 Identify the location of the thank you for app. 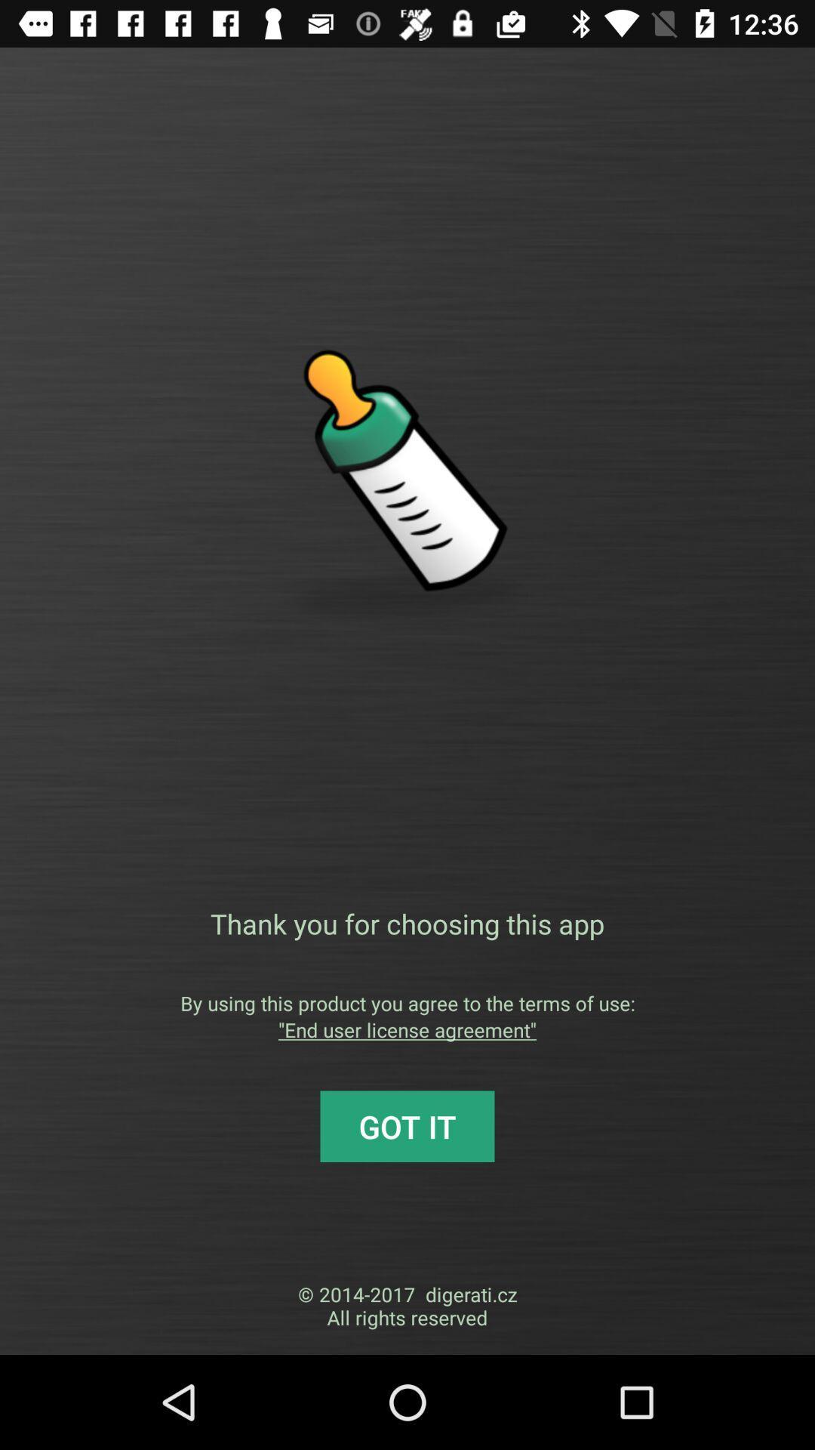
(407, 923).